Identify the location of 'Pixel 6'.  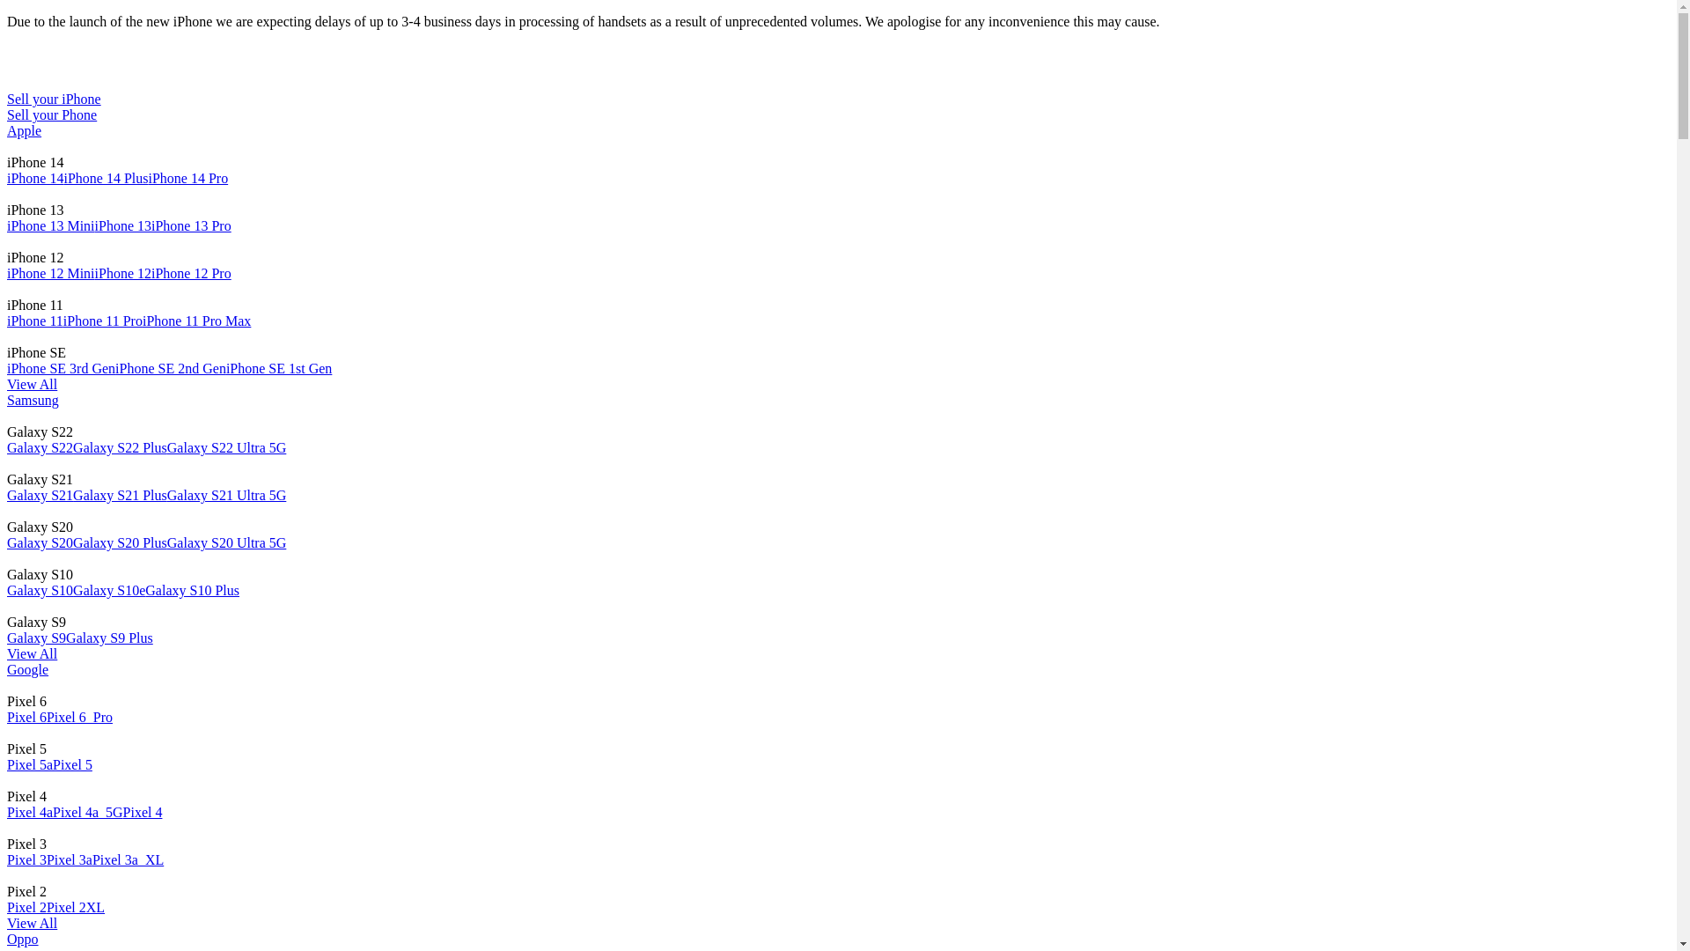
(26, 717).